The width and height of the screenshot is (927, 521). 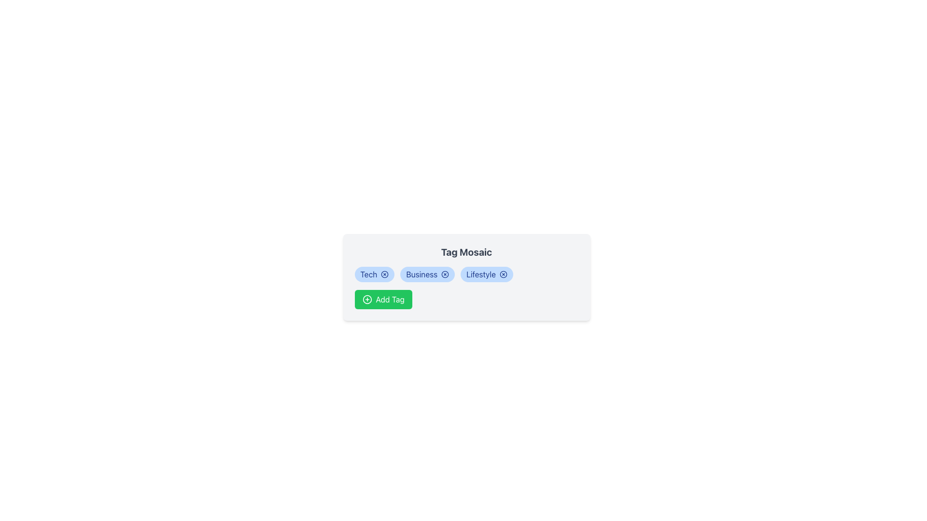 What do you see at coordinates (444, 274) in the screenshot?
I see `the context of the 'Business' tag icon, which is centrally located within the button labeled 'Business' in the horizontal row of tags` at bounding box center [444, 274].